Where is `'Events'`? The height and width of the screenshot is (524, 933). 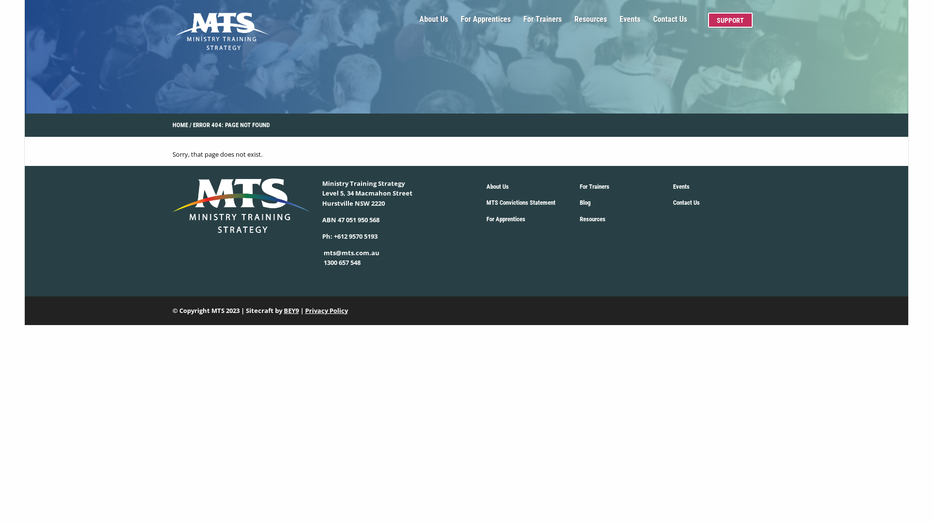 'Events' is located at coordinates (619, 22).